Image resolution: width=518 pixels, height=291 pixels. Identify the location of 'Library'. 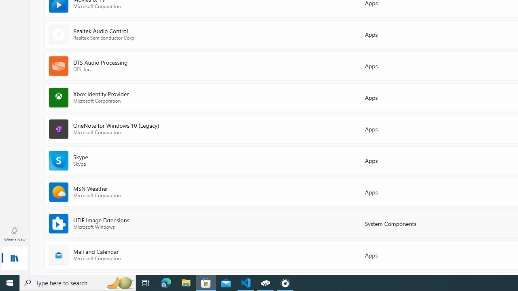
(14, 259).